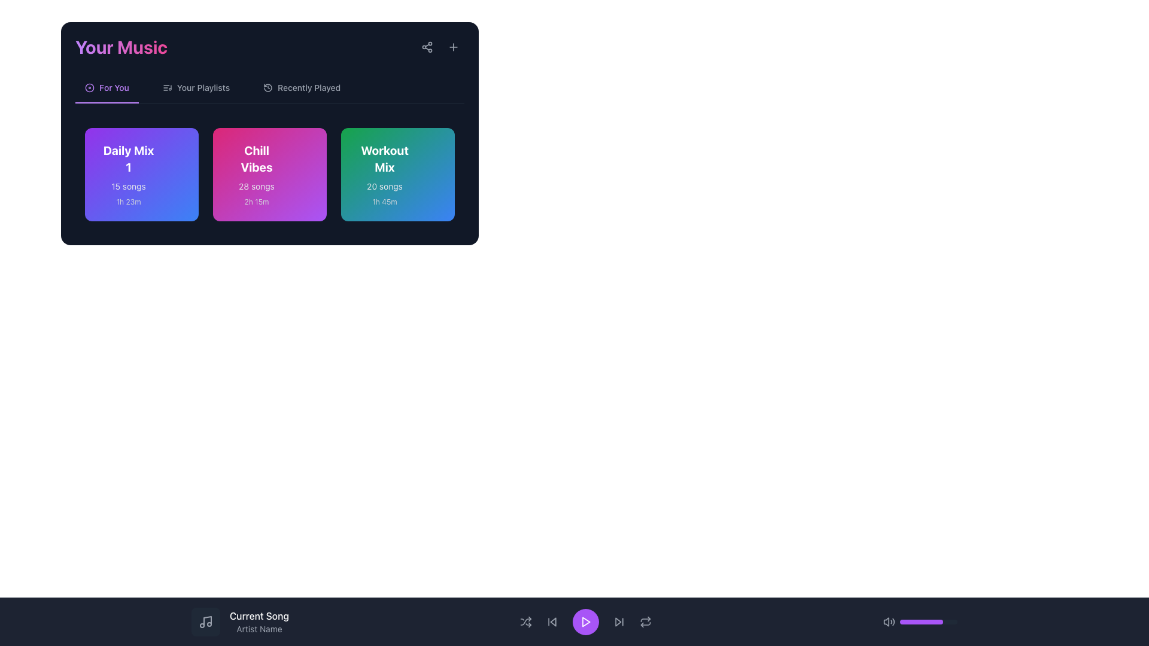 This screenshot has height=646, width=1149. I want to click on the 'Daily Mix 1' playlist card located under the 'For You' tab in the 'Your Music' section, so click(129, 175).